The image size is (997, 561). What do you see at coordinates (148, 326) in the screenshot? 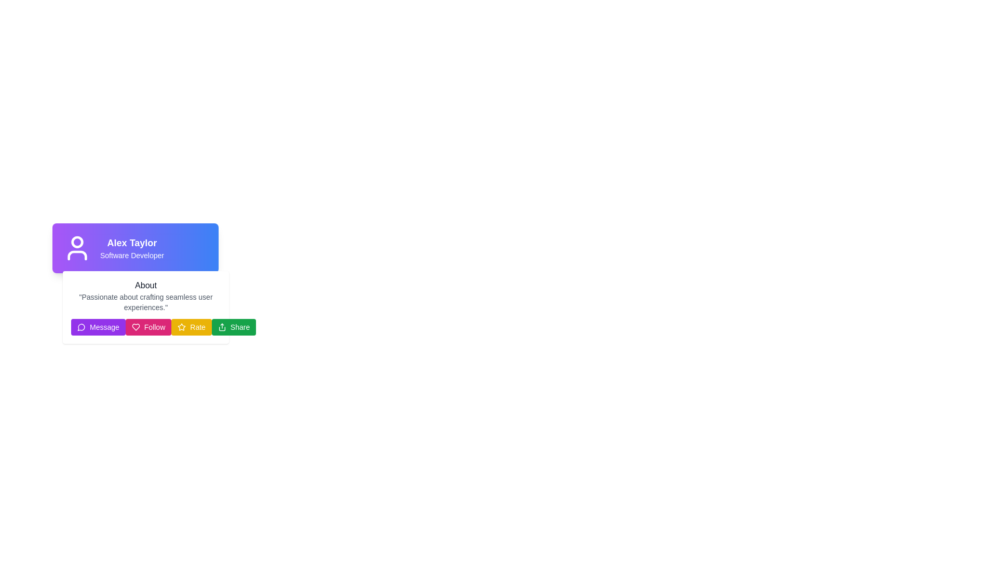
I see `the follow button located in the row of buttons at the bottom of the card, which is the second button from the left` at bounding box center [148, 326].